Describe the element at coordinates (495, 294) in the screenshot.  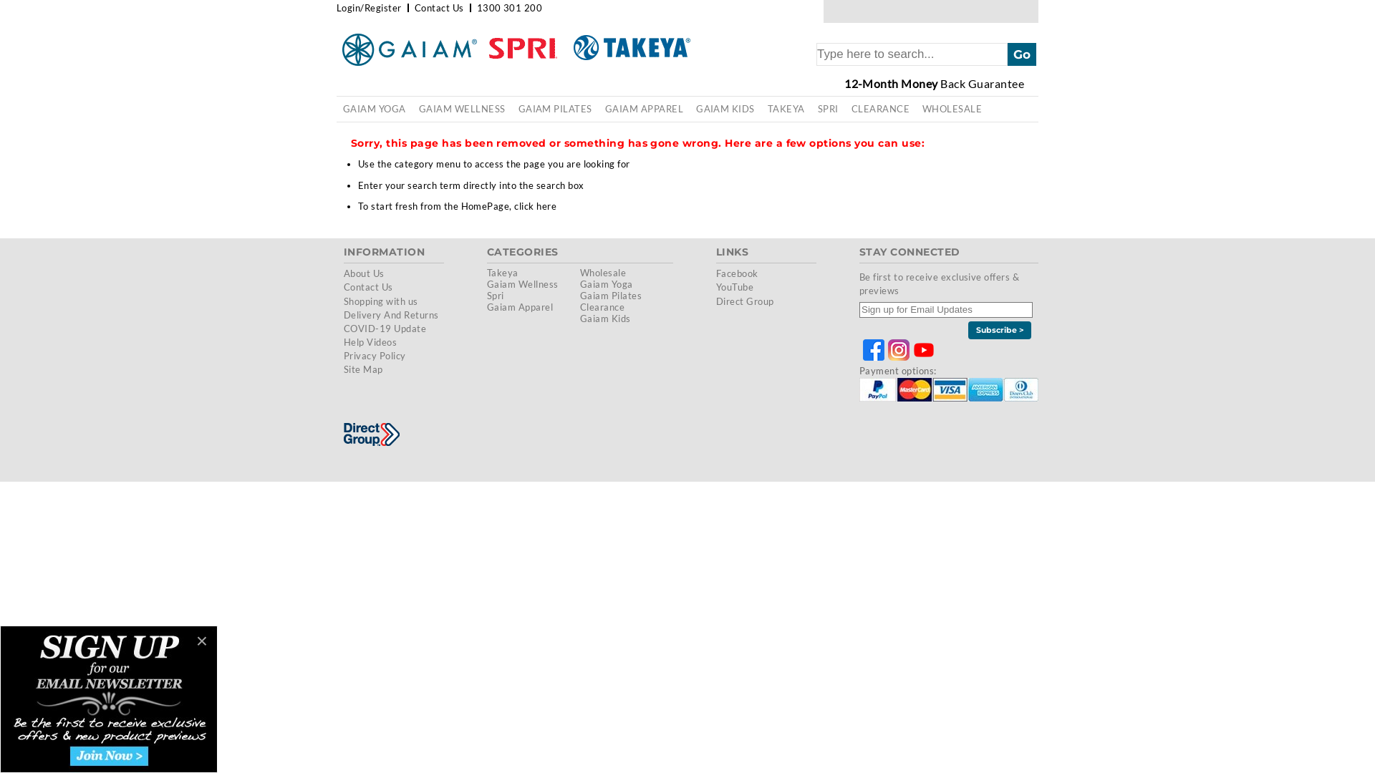
I see `'Spri'` at that location.